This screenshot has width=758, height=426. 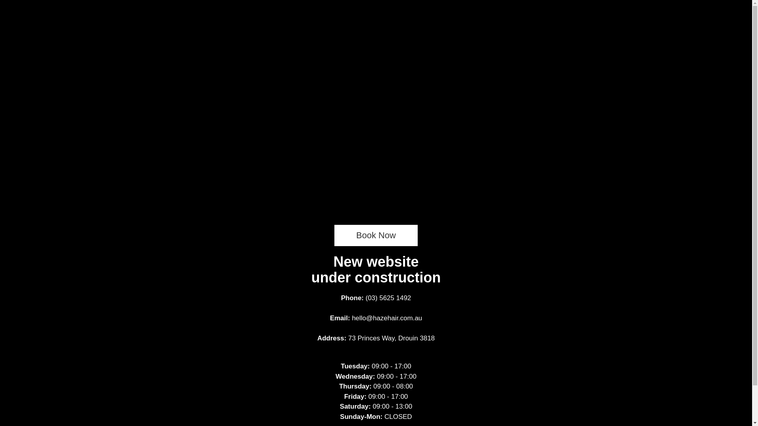 I want to click on 'Book Now', so click(x=375, y=235).